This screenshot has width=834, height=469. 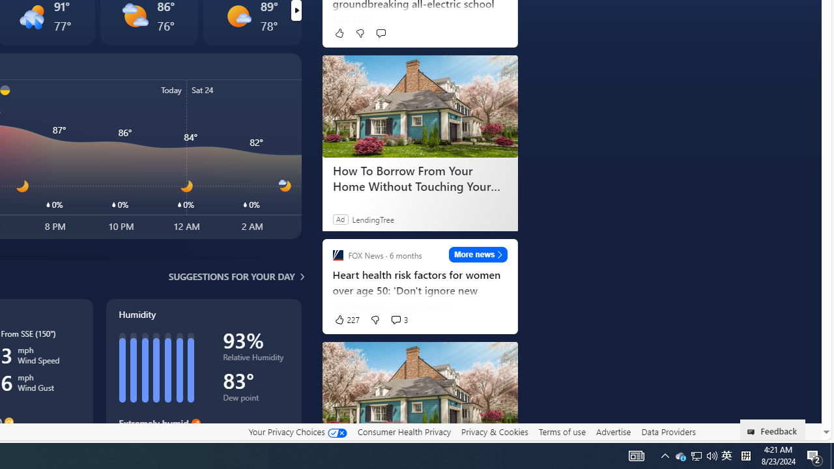 I want to click on 'Your Privacy Choices', so click(x=296, y=432).